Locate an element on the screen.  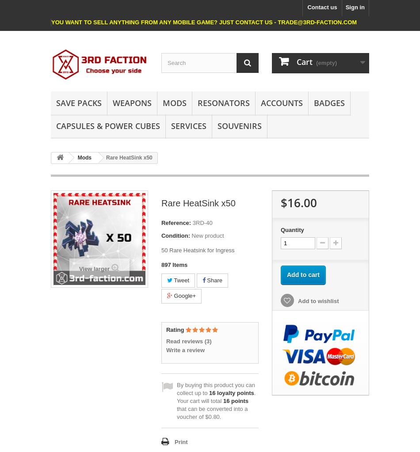
'3RD-40' is located at coordinates (202, 222).